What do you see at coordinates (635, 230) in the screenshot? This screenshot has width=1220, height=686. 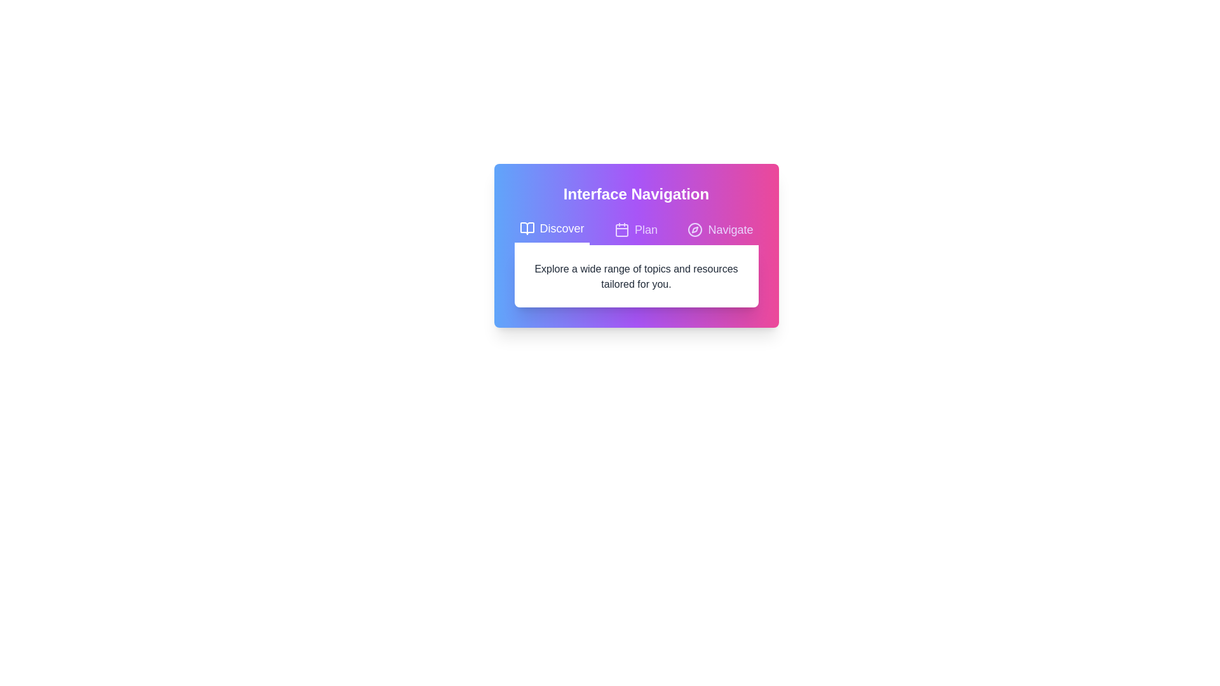 I see `the second button in the horizontal tab list, which is positioned between the 'Discover' and 'Navigate' buttons` at bounding box center [635, 230].